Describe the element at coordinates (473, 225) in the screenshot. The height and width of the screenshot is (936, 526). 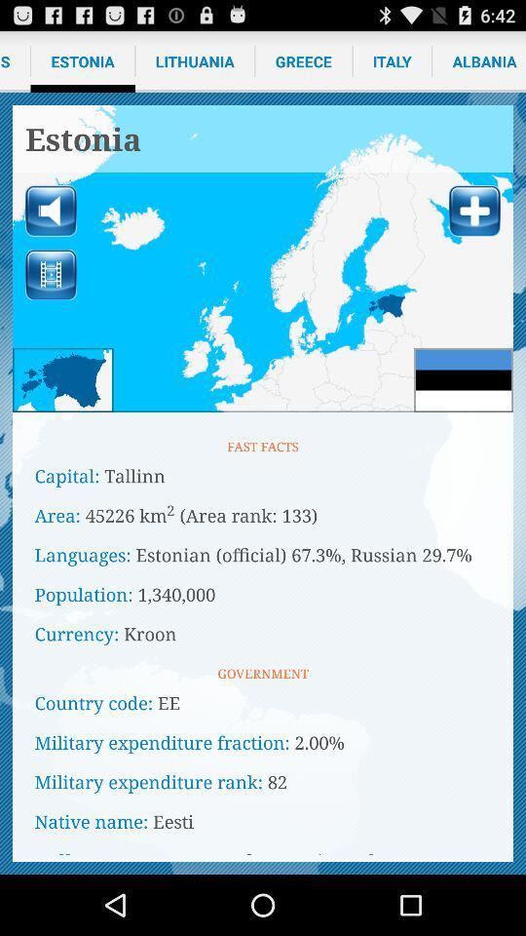
I see `the add icon` at that location.